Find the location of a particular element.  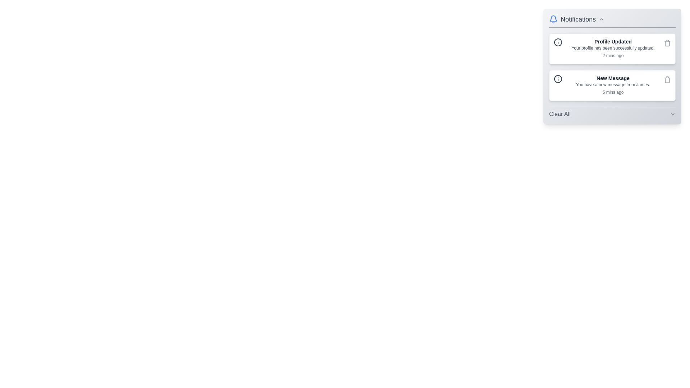

the header icon chevron-up to perform its action is located at coordinates (602, 19).